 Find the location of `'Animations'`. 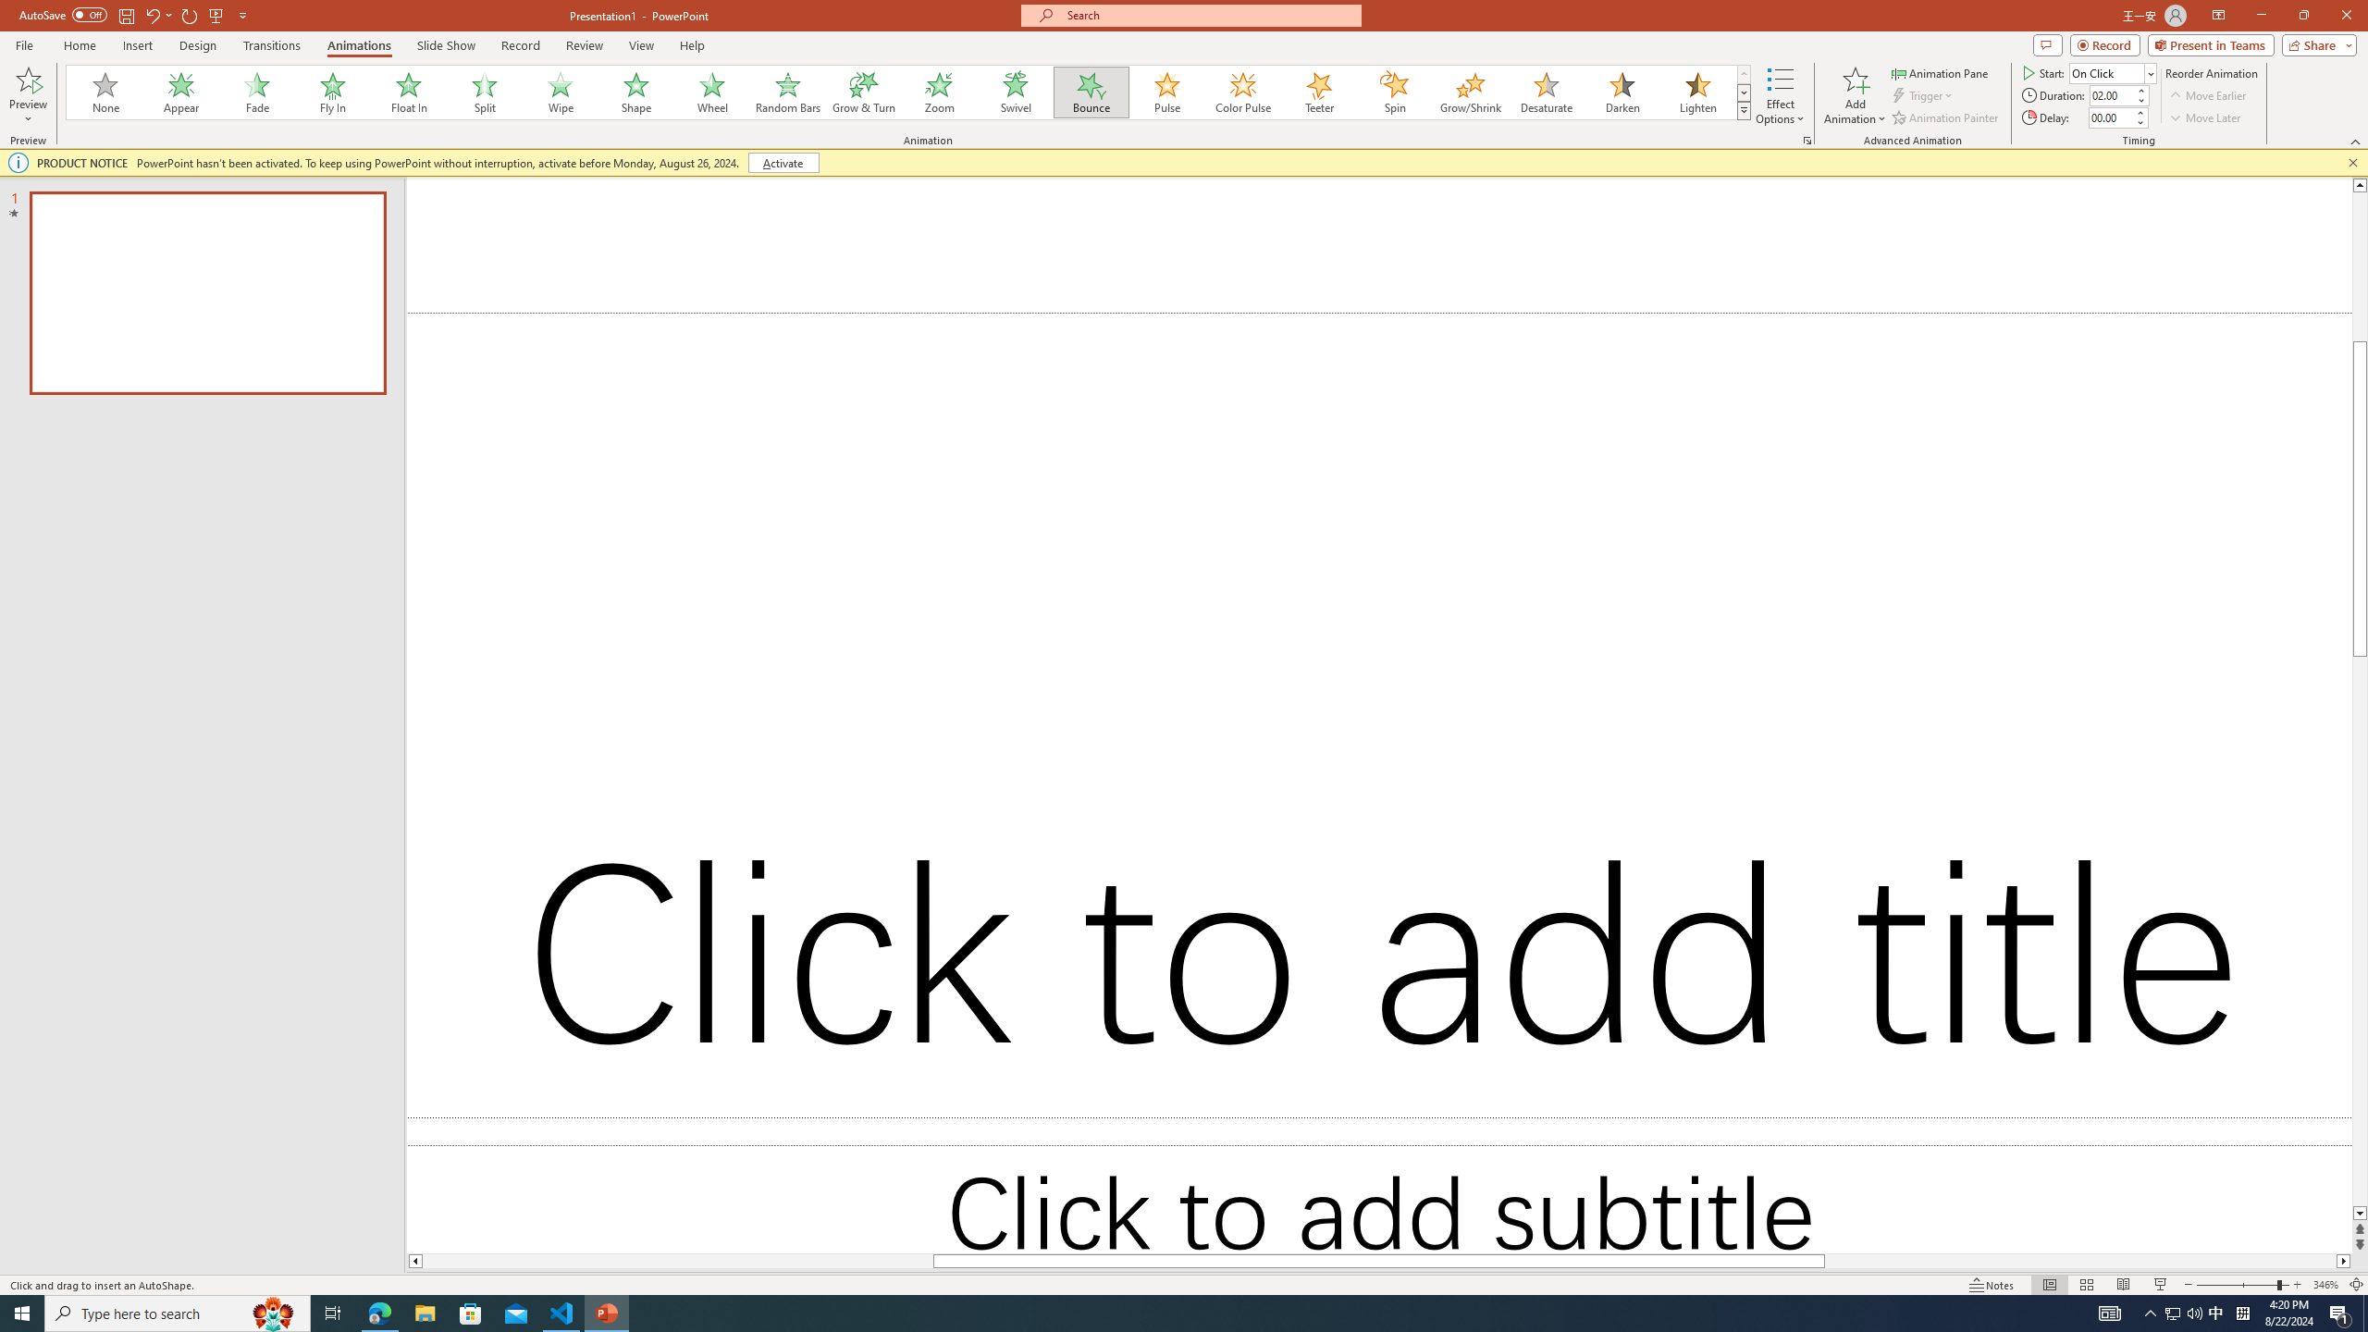

'Animations' is located at coordinates (358, 45).